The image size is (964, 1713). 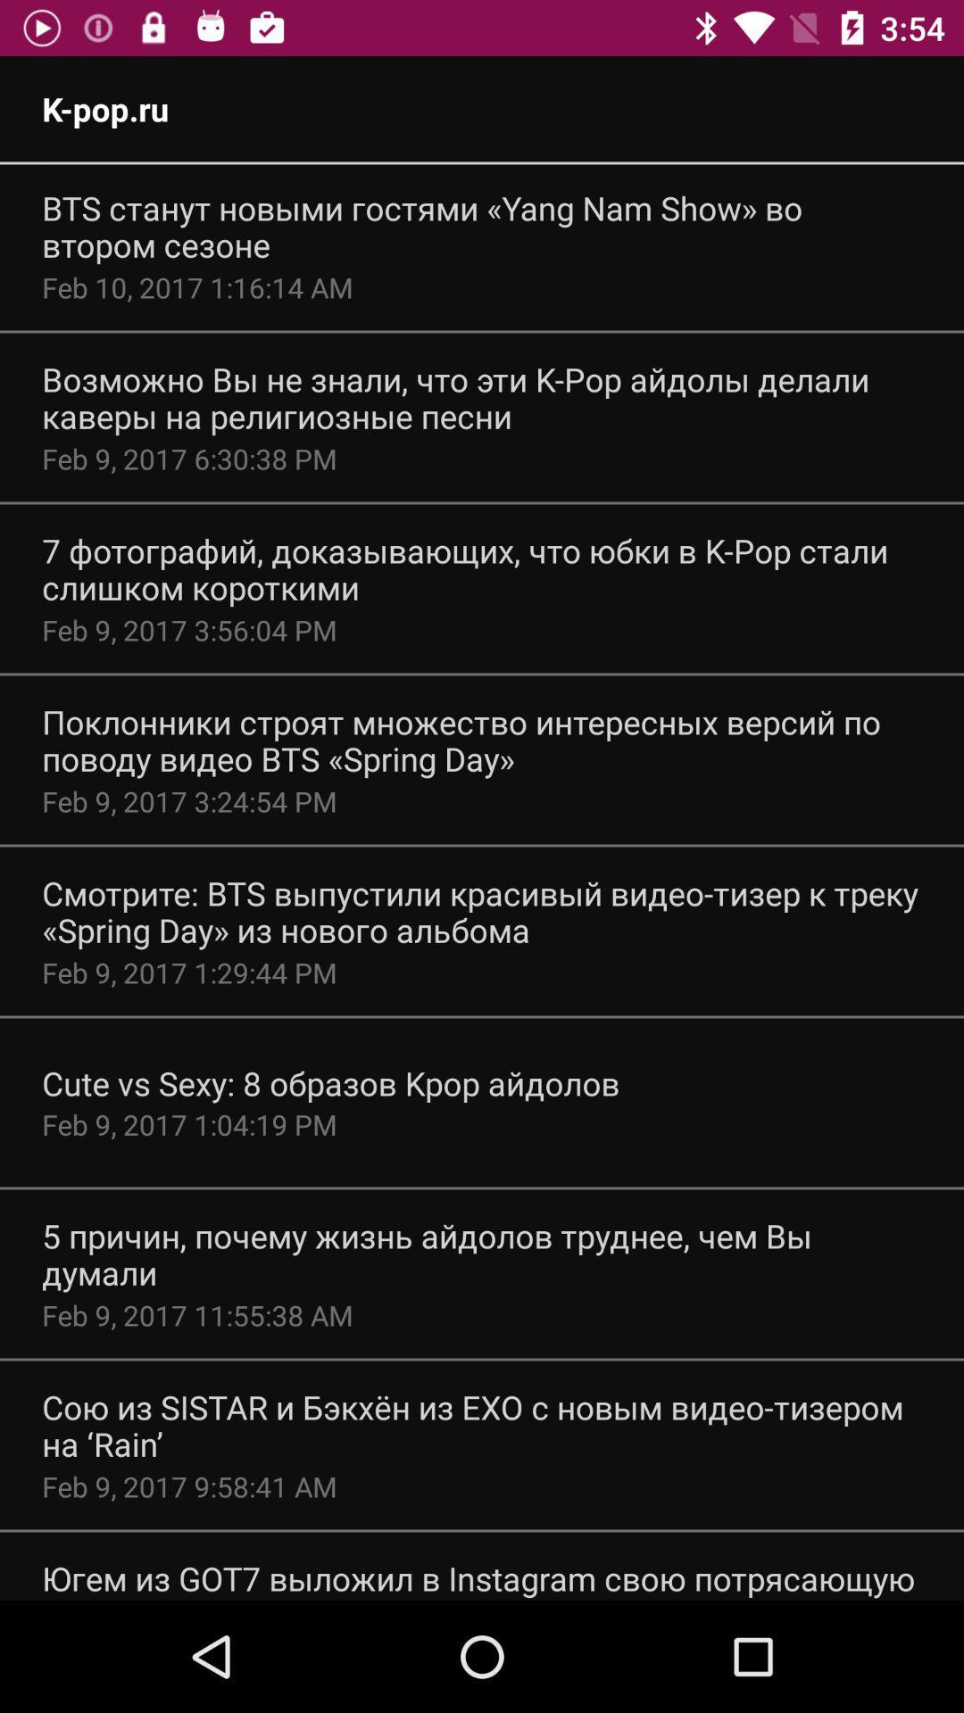 What do you see at coordinates (482, 226) in the screenshot?
I see `the app above feb 10 2017 item` at bounding box center [482, 226].